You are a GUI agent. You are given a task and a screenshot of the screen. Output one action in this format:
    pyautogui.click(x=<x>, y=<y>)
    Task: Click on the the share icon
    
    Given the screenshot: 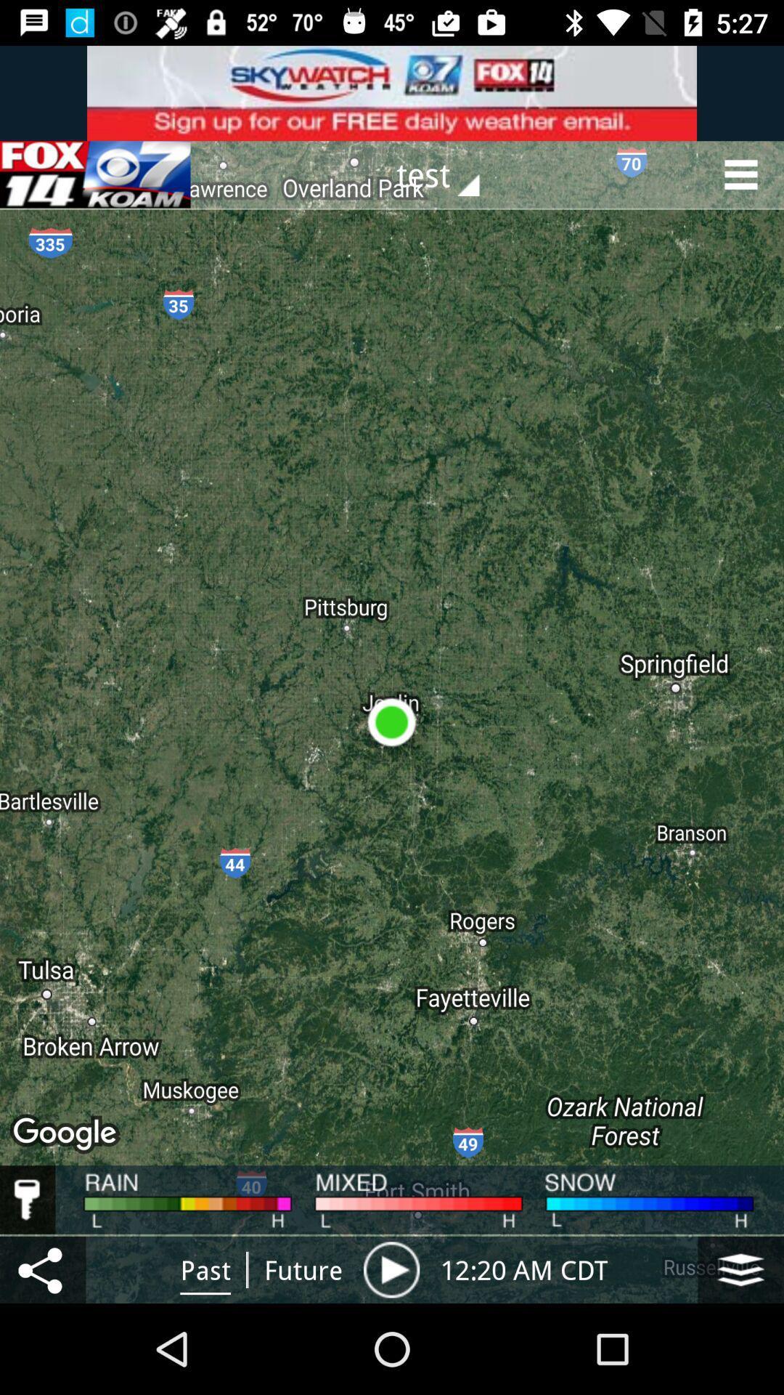 What is the action you would take?
    pyautogui.click(x=42, y=1269)
    